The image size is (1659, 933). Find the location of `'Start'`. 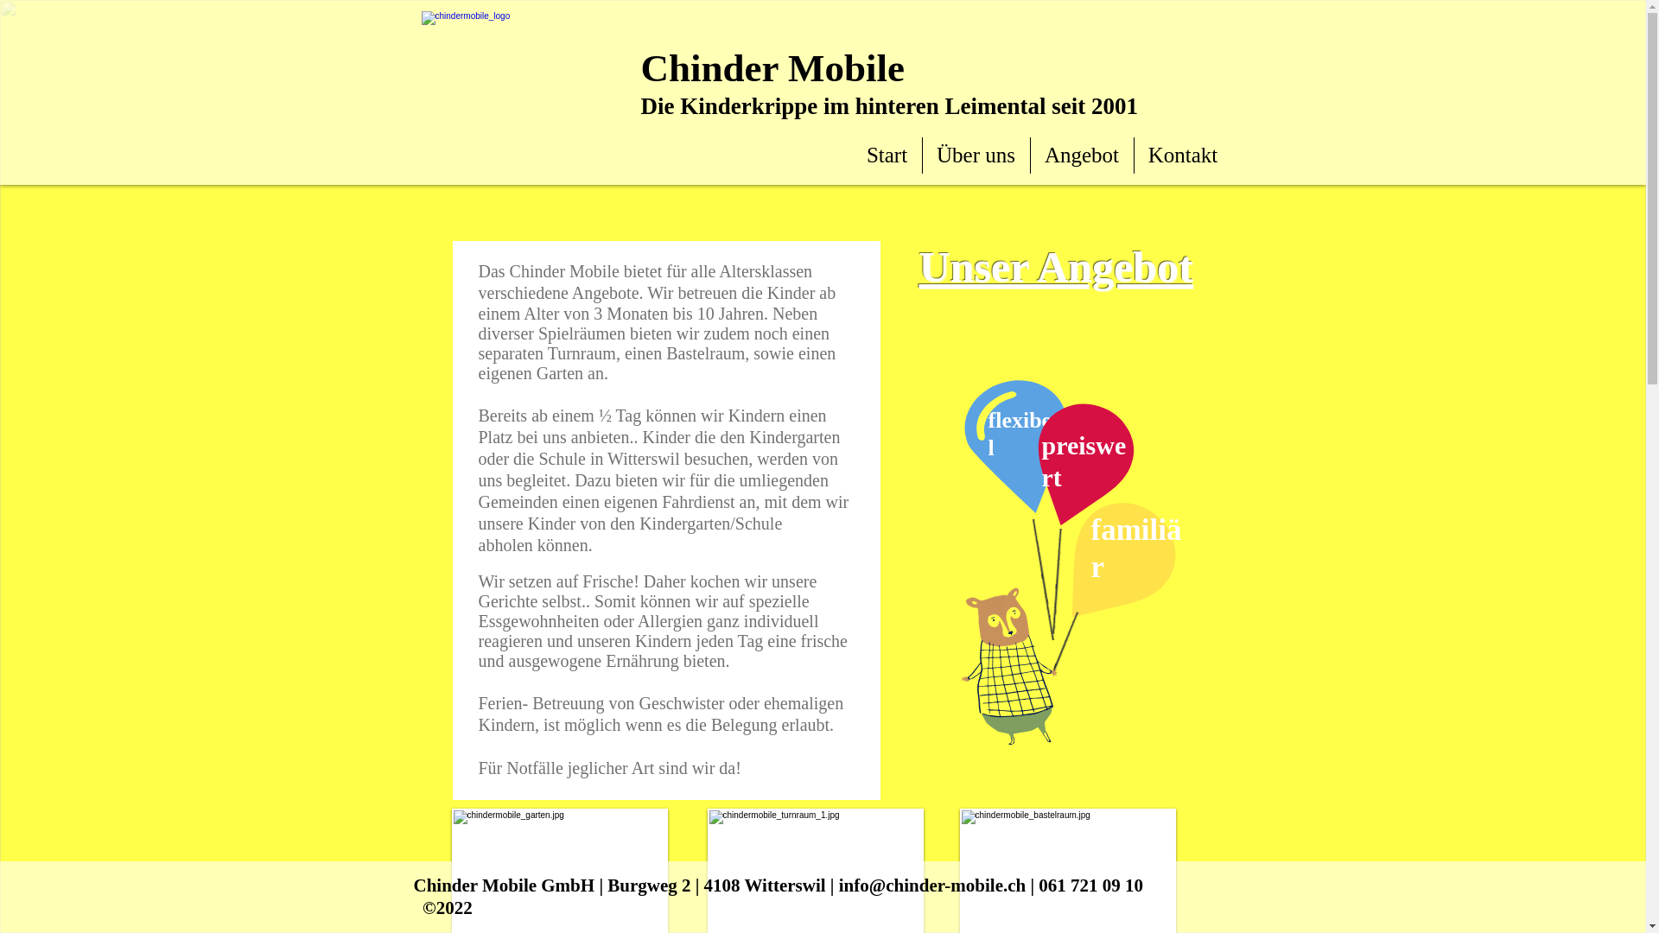

'Start' is located at coordinates (887, 155).